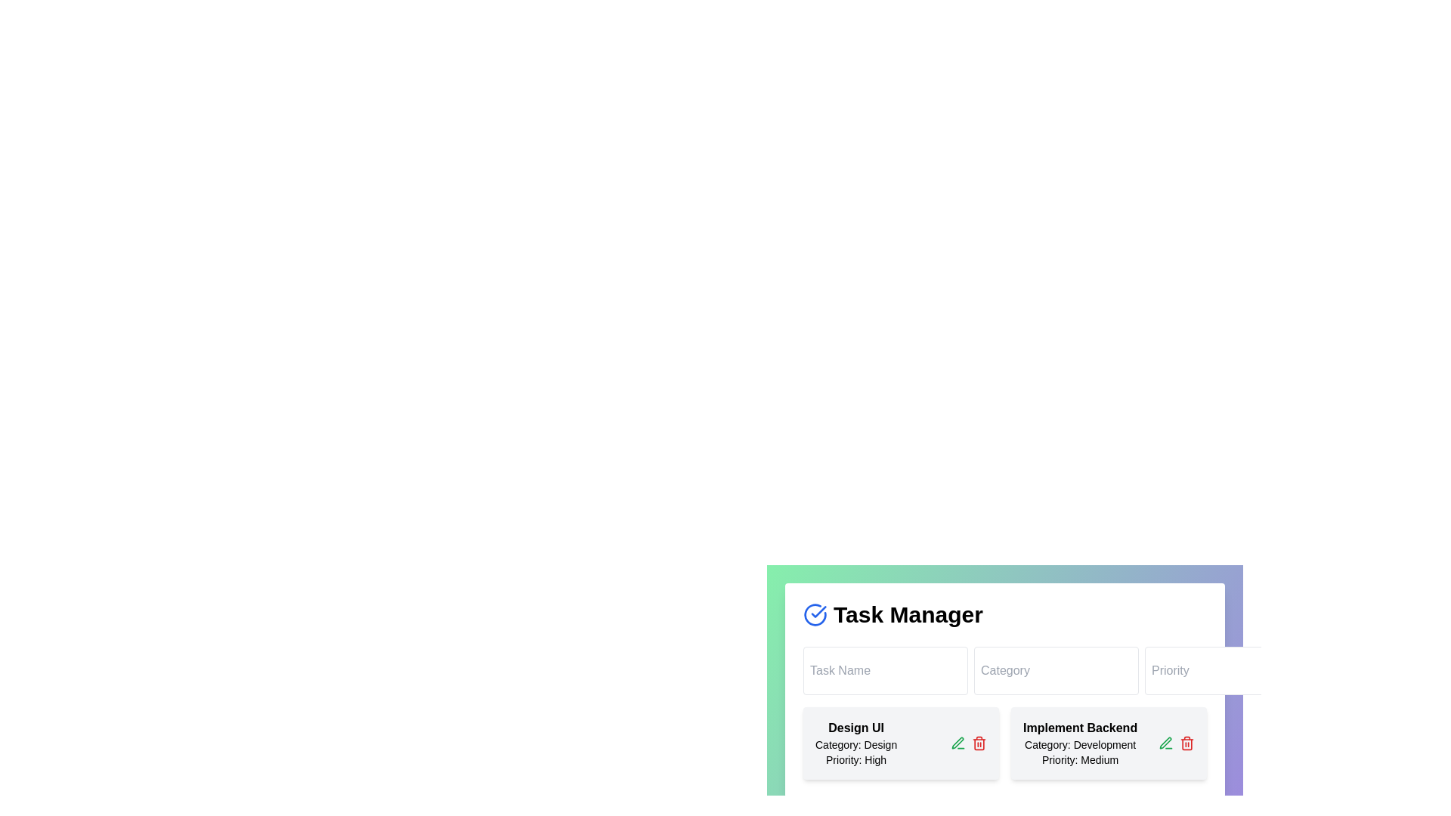 The height and width of the screenshot is (816, 1451). Describe the element at coordinates (1333, 669) in the screenshot. I see `the 'circle plus' icon representing the 'Add Task' functionality located at the top-right portion of the visible area` at that location.